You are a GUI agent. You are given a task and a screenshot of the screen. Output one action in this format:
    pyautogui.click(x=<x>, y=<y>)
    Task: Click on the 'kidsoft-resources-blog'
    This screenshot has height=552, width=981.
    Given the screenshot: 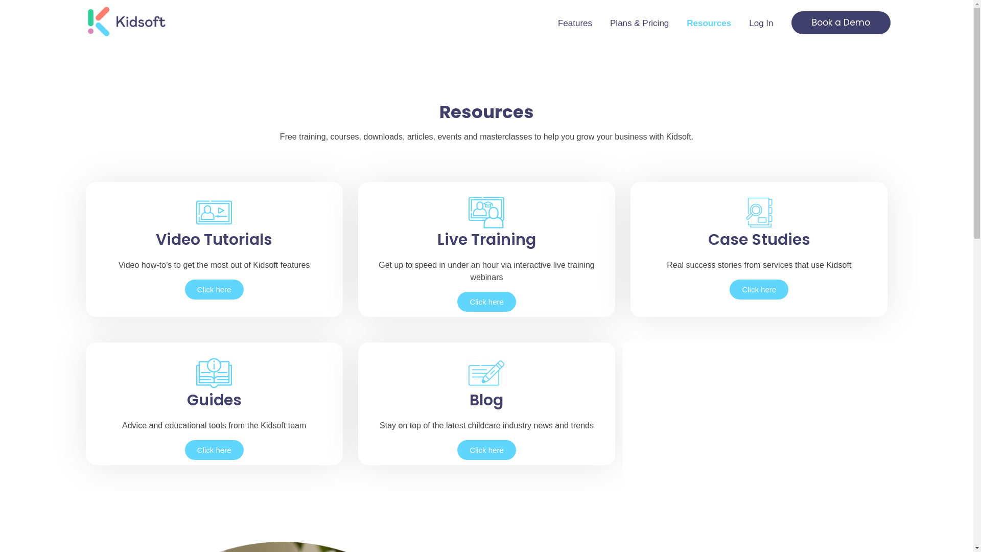 What is the action you would take?
    pyautogui.click(x=485, y=373)
    